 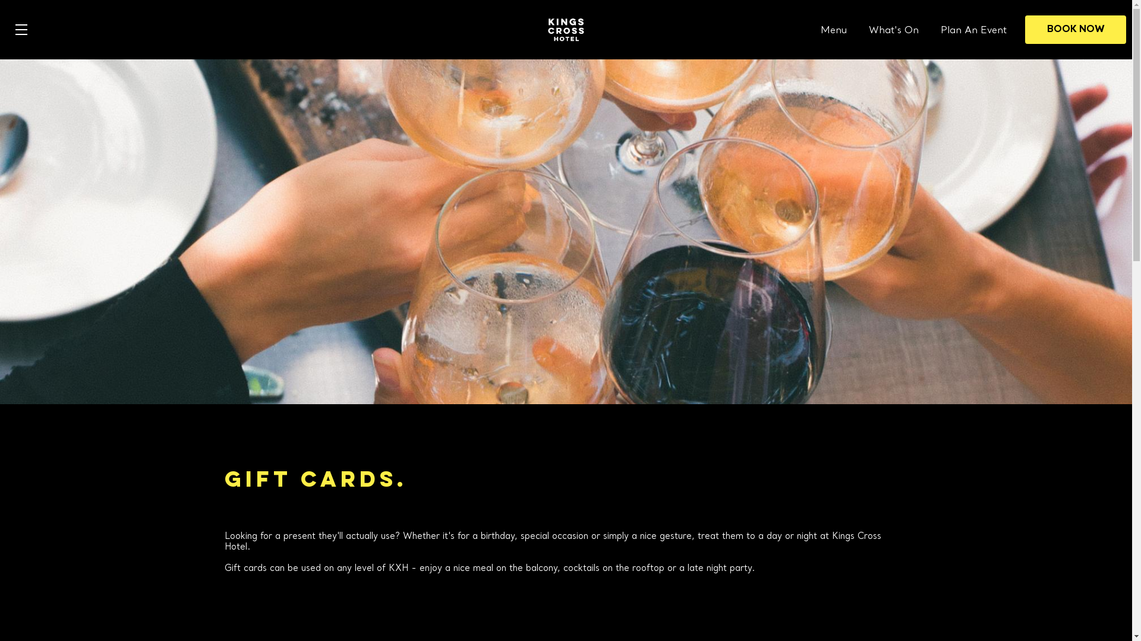 I want to click on 'Menu', so click(x=833, y=30).